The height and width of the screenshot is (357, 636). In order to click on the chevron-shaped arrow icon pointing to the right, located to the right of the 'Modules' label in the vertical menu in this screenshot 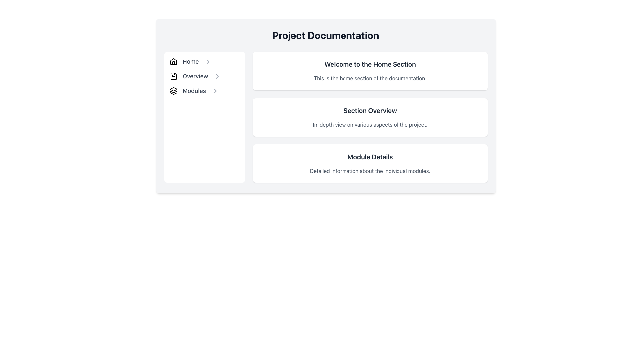, I will do `click(215, 91)`.